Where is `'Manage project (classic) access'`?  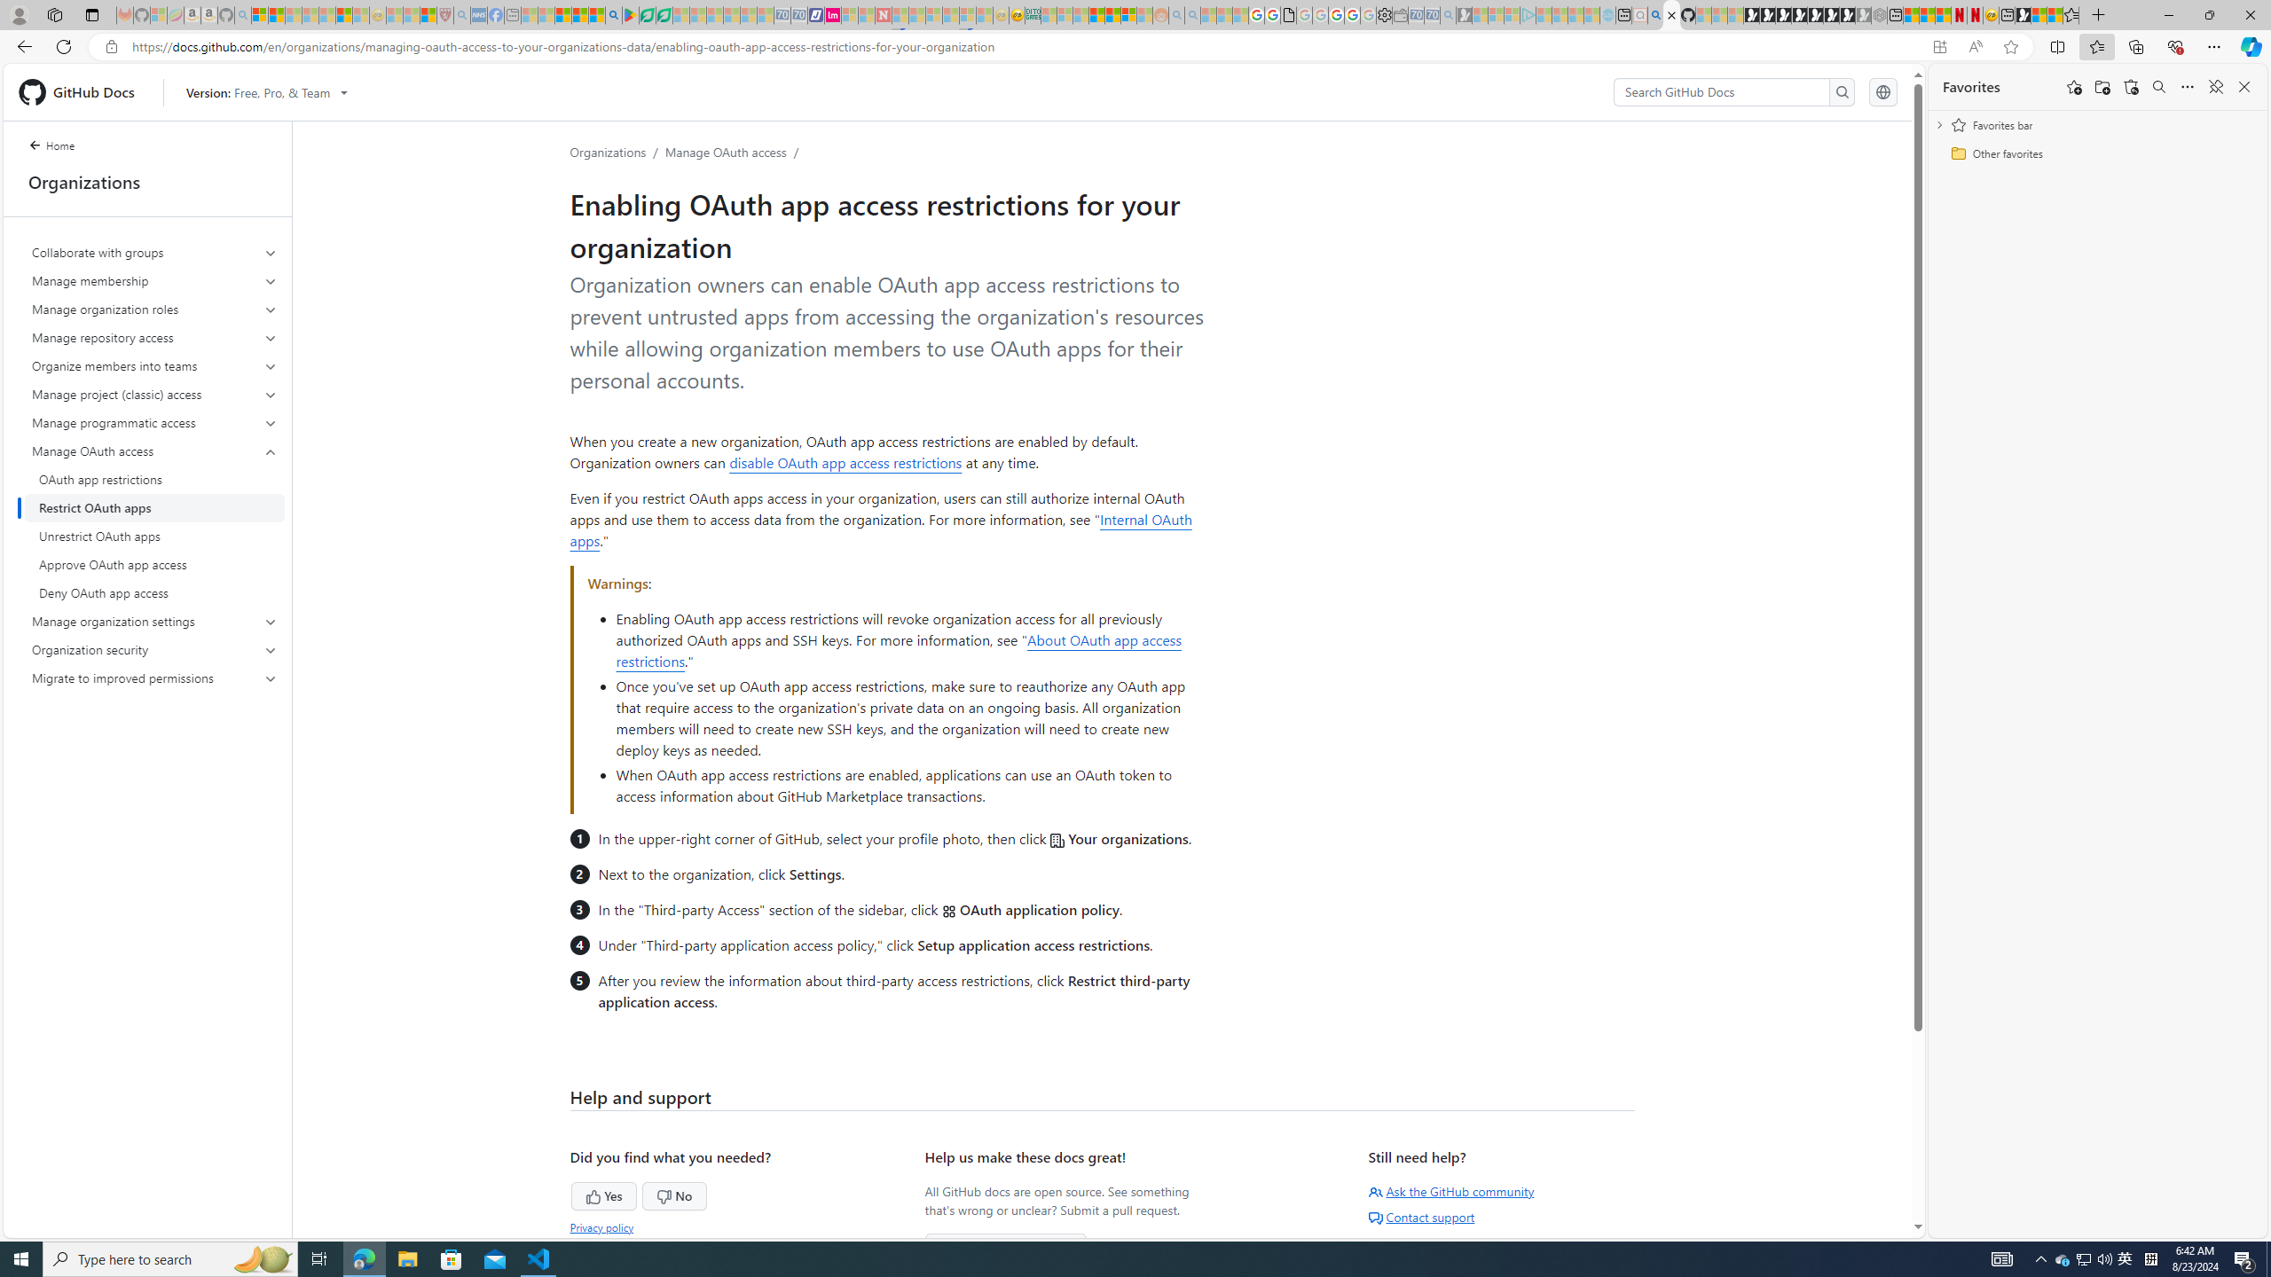 'Manage project (classic) access' is located at coordinates (155, 394).